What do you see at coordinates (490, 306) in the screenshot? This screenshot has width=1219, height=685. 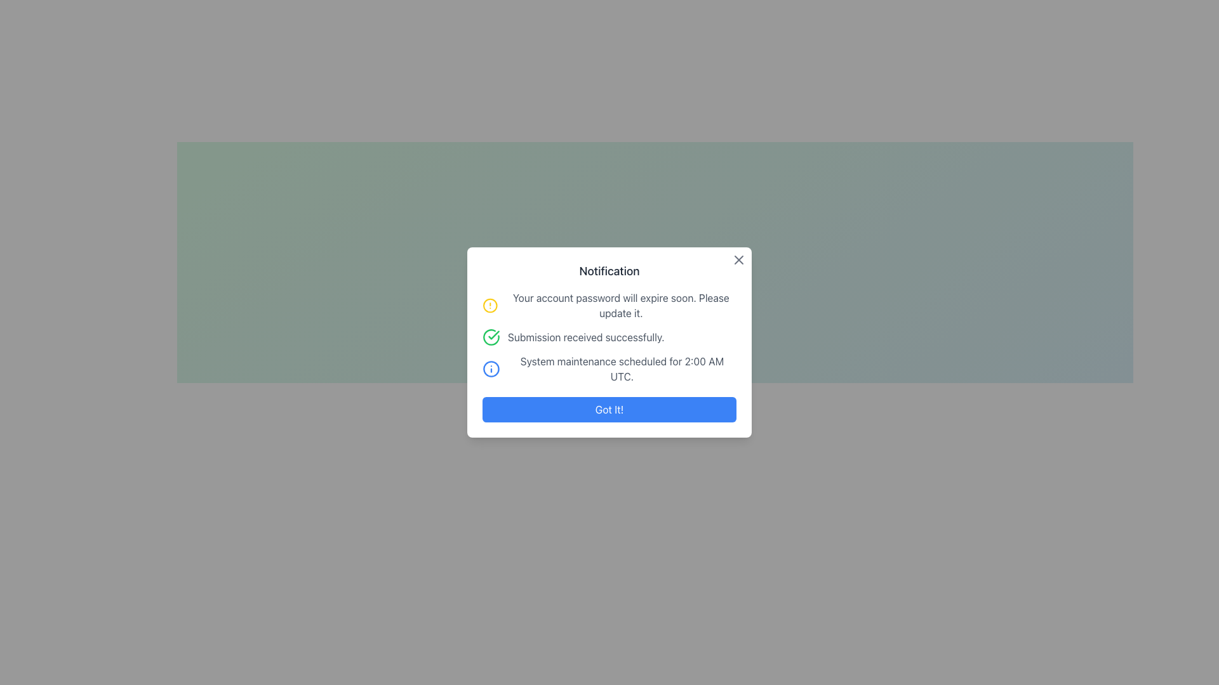 I see `the alert icon that signals a warning about the account password expiration, which is positioned to the left of the message 'Your account password will expire soon. Please update it.'` at bounding box center [490, 306].